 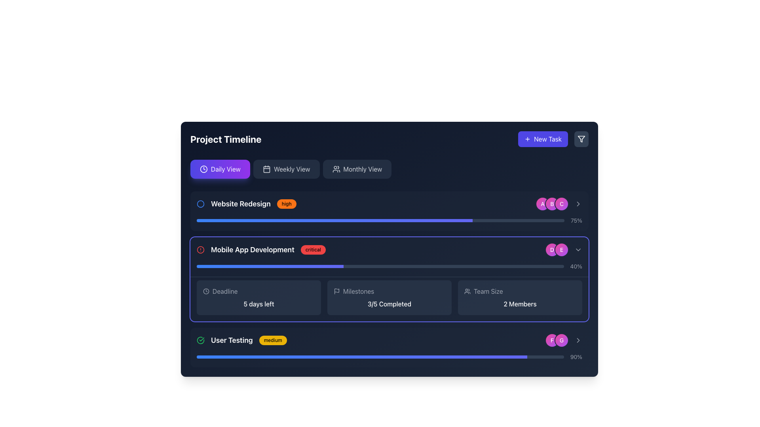 What do you see at coordinates (524, 357) in the screenshot?
I see `the progress value` at bounding box center [524, 357].